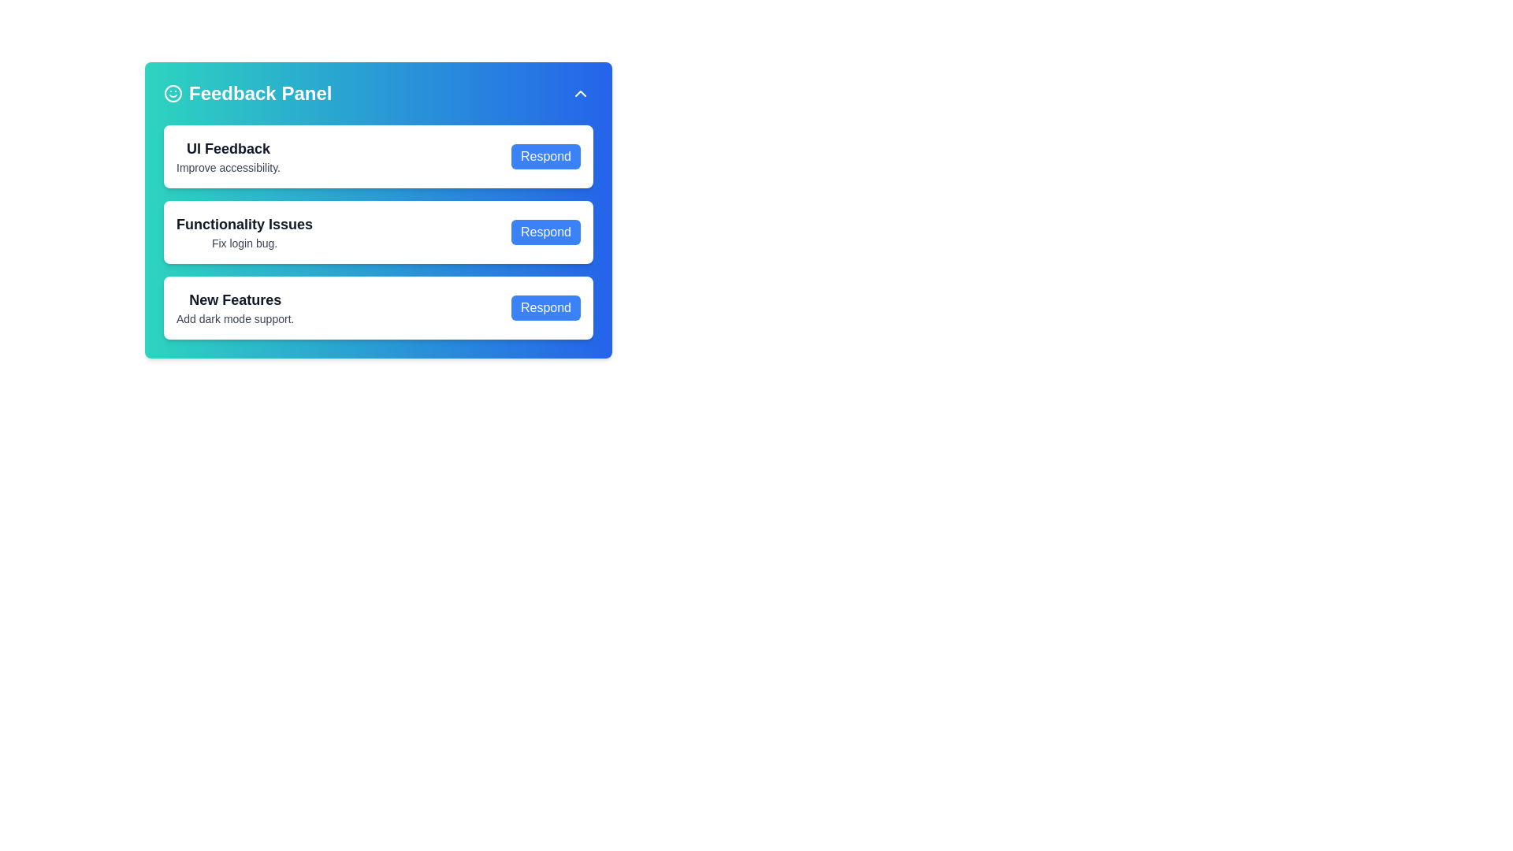  What do you see at coordinates (545, 232) in the screenshot?
I see `the rounded 'Respond' button with white text on a blue background, located in the feedback section to respond to the feedback regarding functionality issues` at bounding box center [545, 232].